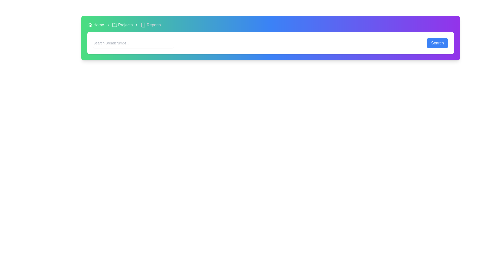  I want to click on the second chevron icon in the breadcrumb navigation bar that separates 'Home' and 'Projects', so click(108, 25).